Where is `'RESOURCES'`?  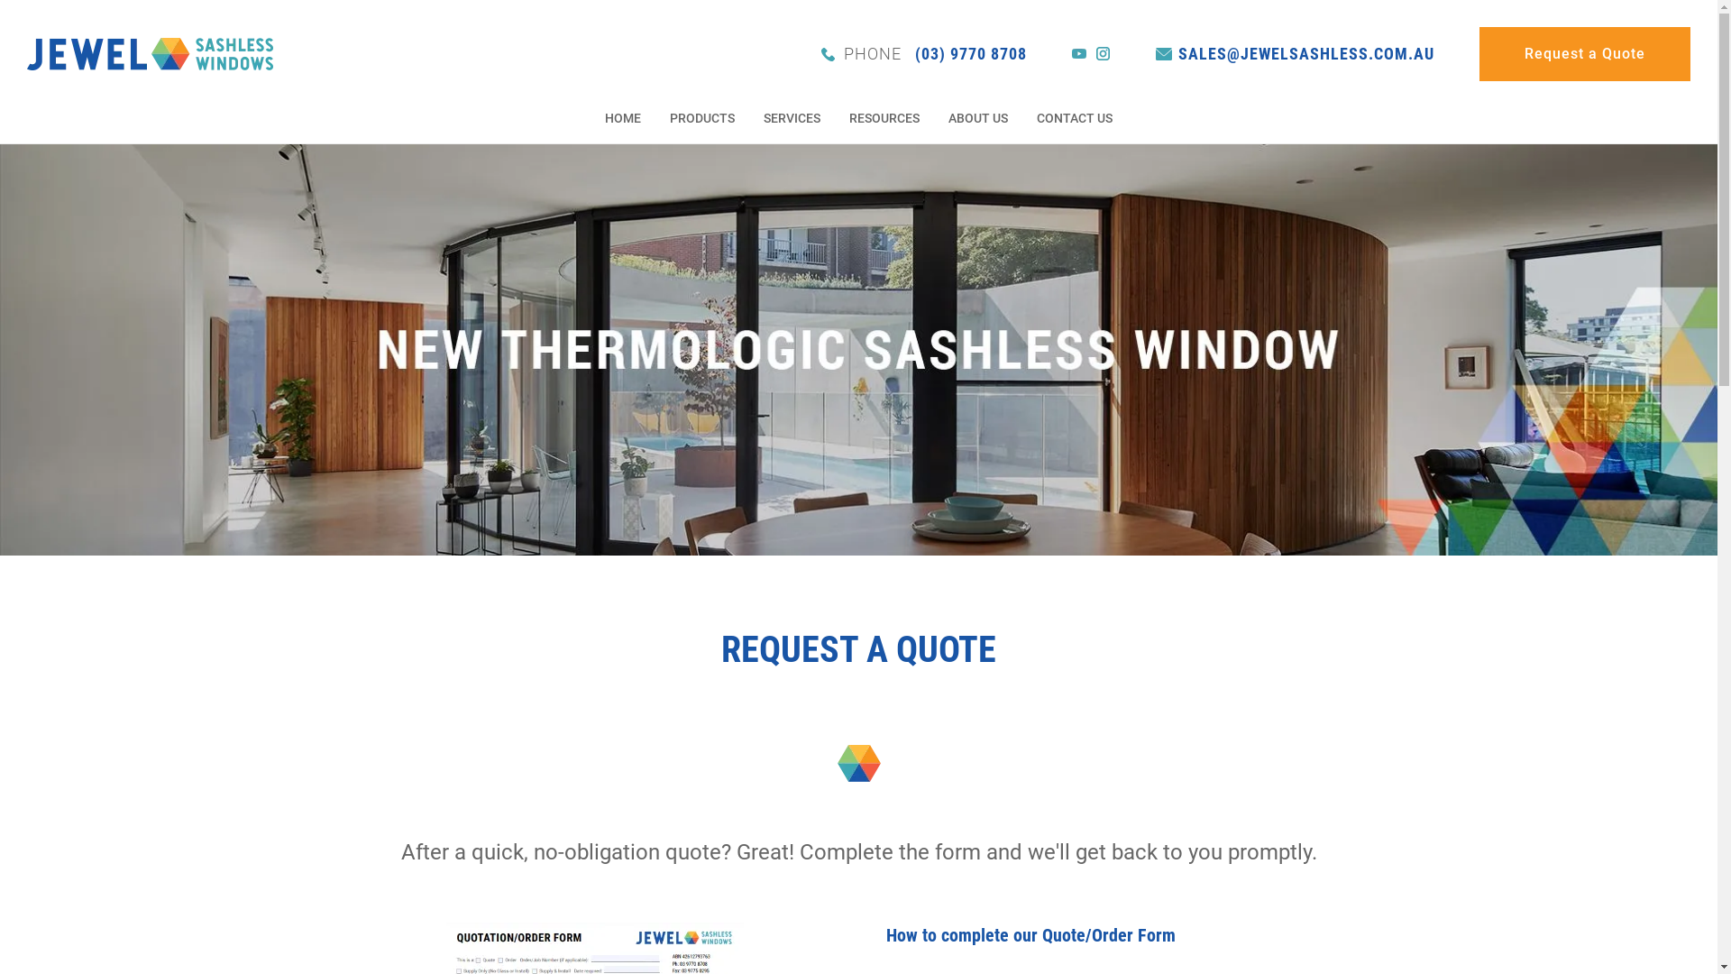
'RESOURCES' is located at coordinates (884, 119).